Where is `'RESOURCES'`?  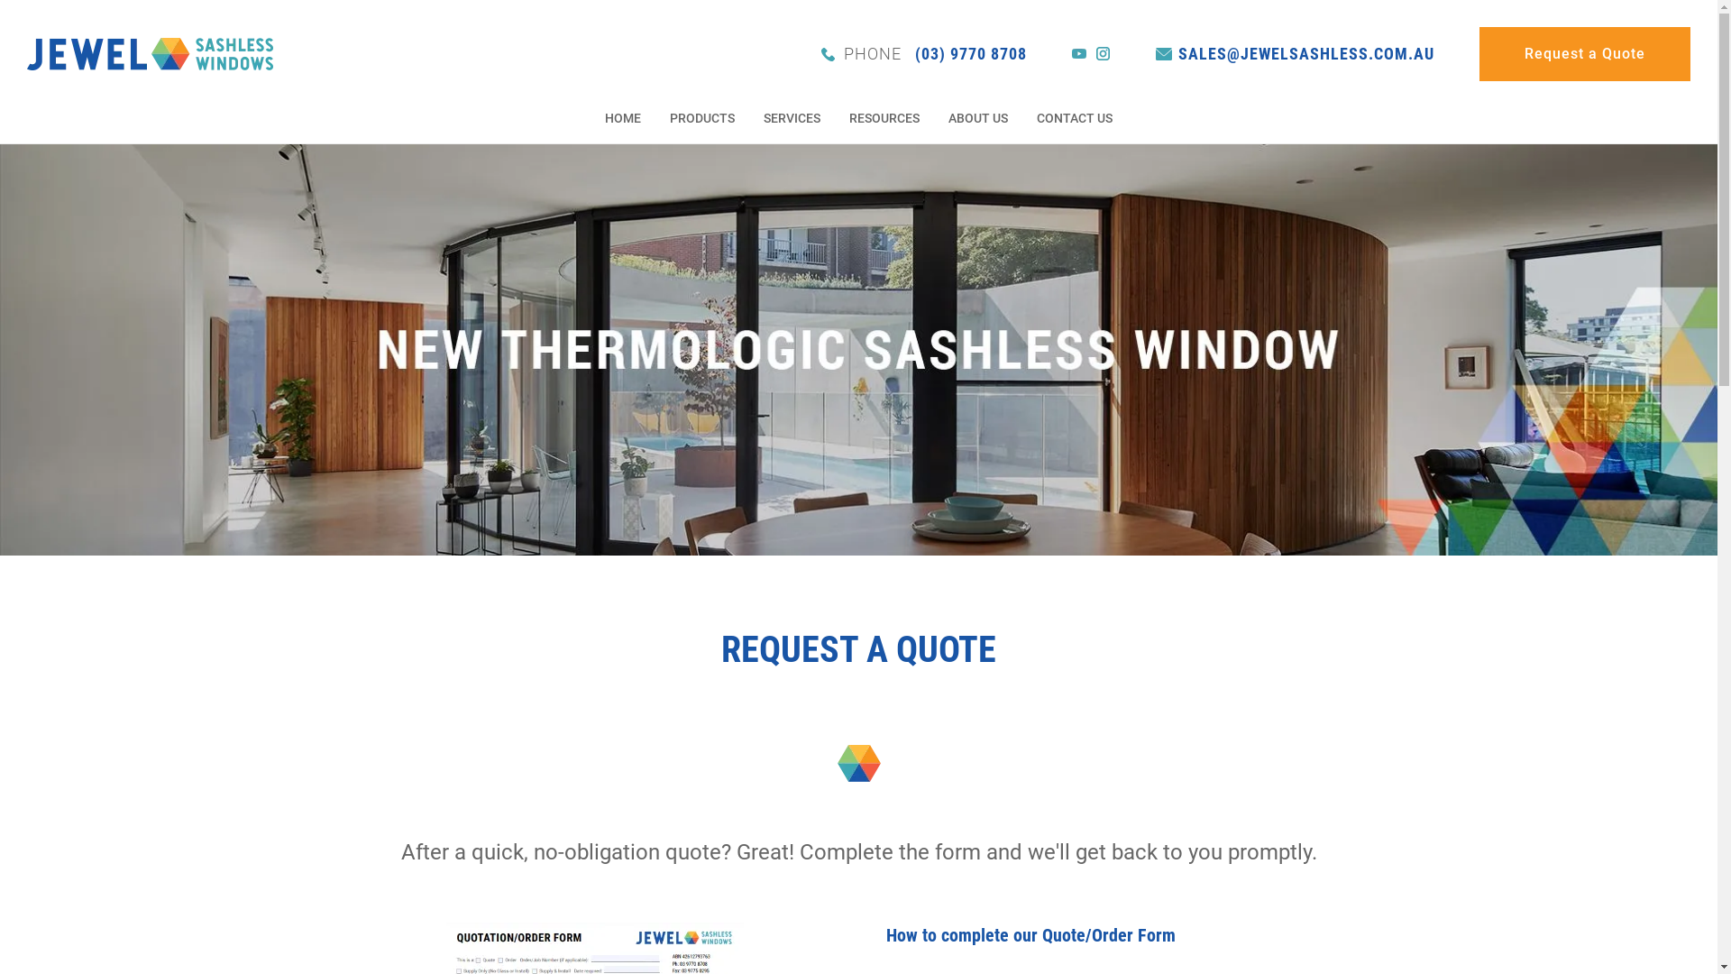
'RESOURCES' is located at coordinates (884, 119).